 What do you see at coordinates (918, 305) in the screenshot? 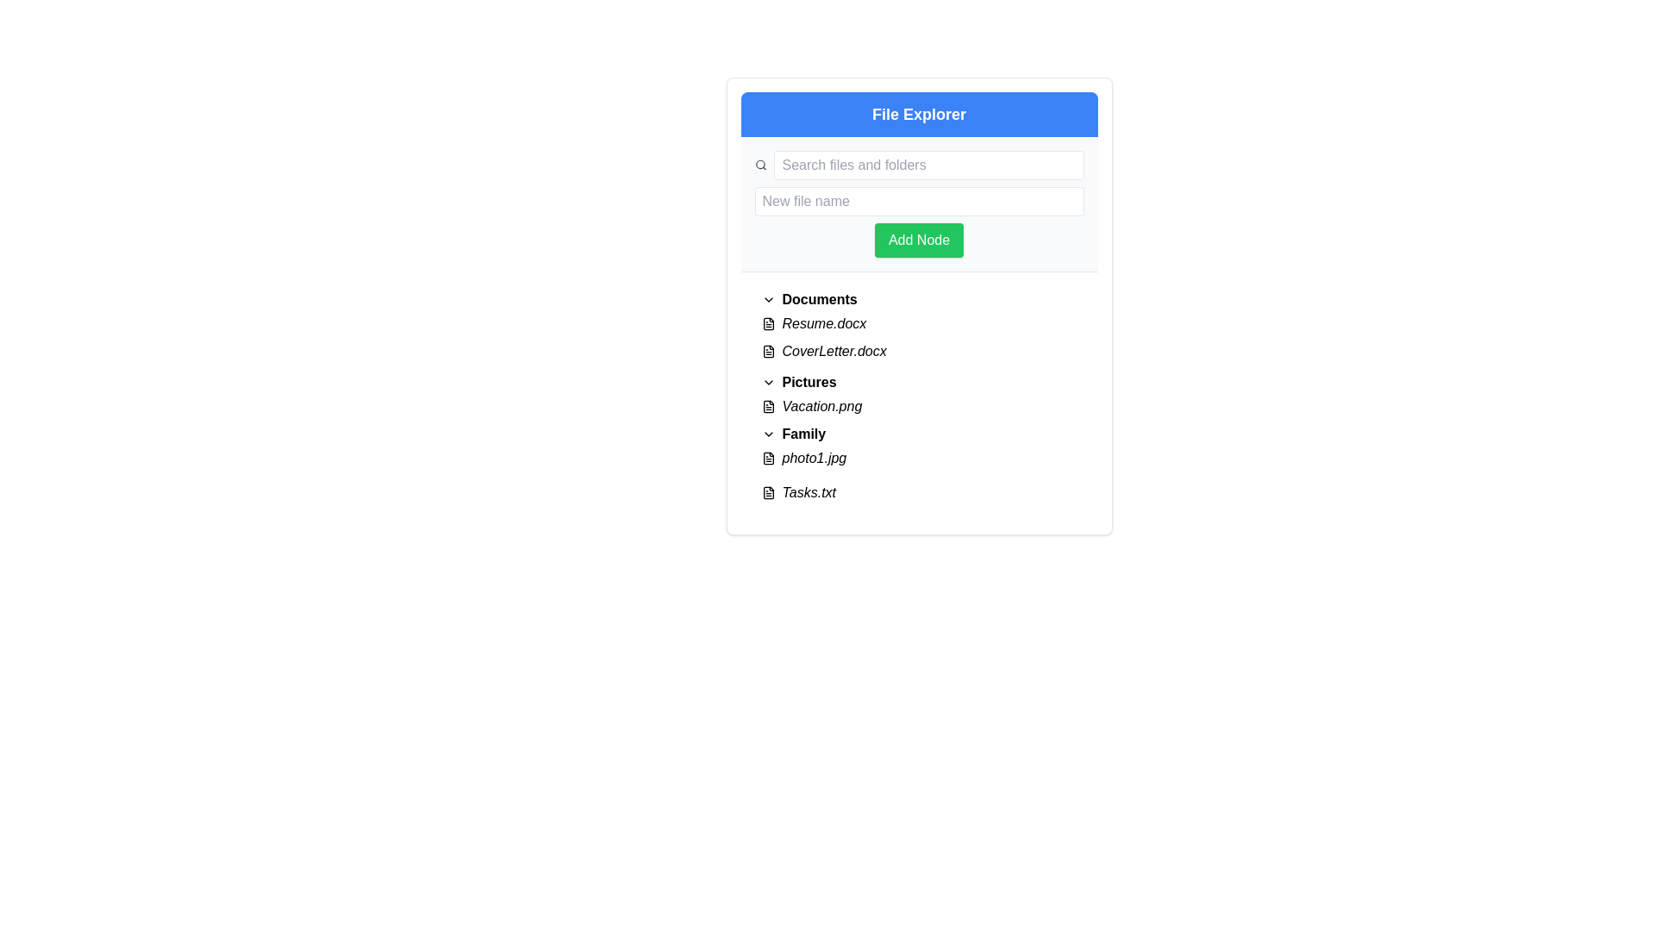
I see `the central file management section` at bounding box center [918, 305].